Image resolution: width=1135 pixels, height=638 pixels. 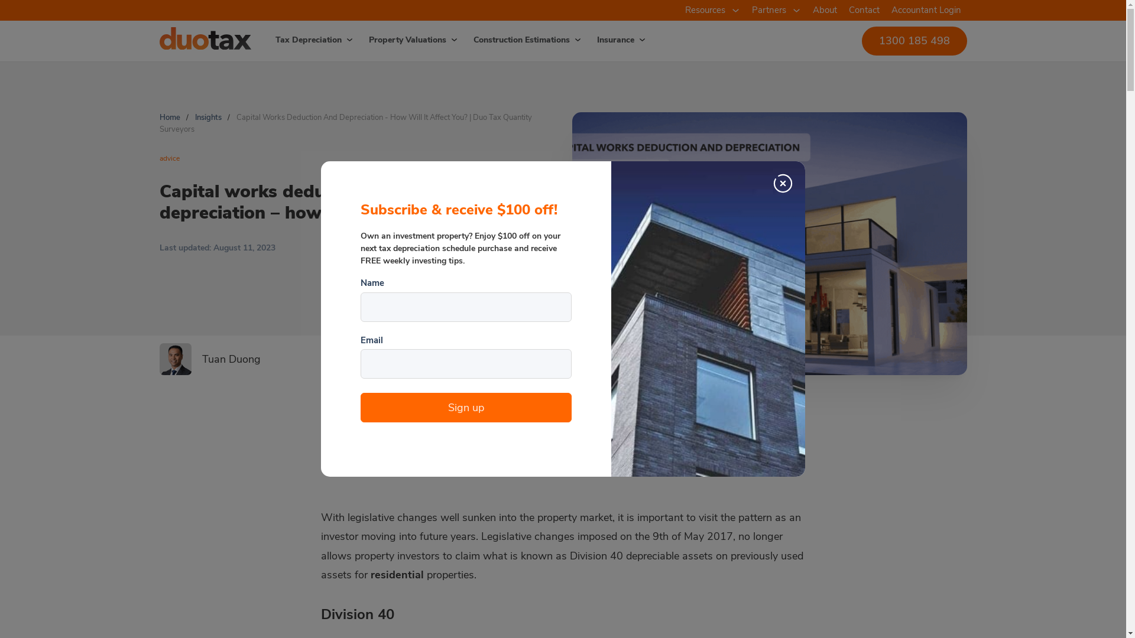 What do you see at coordinates (864, 10) in the screenshot?
I see `'Contact'` at bounding box center [864, 10].